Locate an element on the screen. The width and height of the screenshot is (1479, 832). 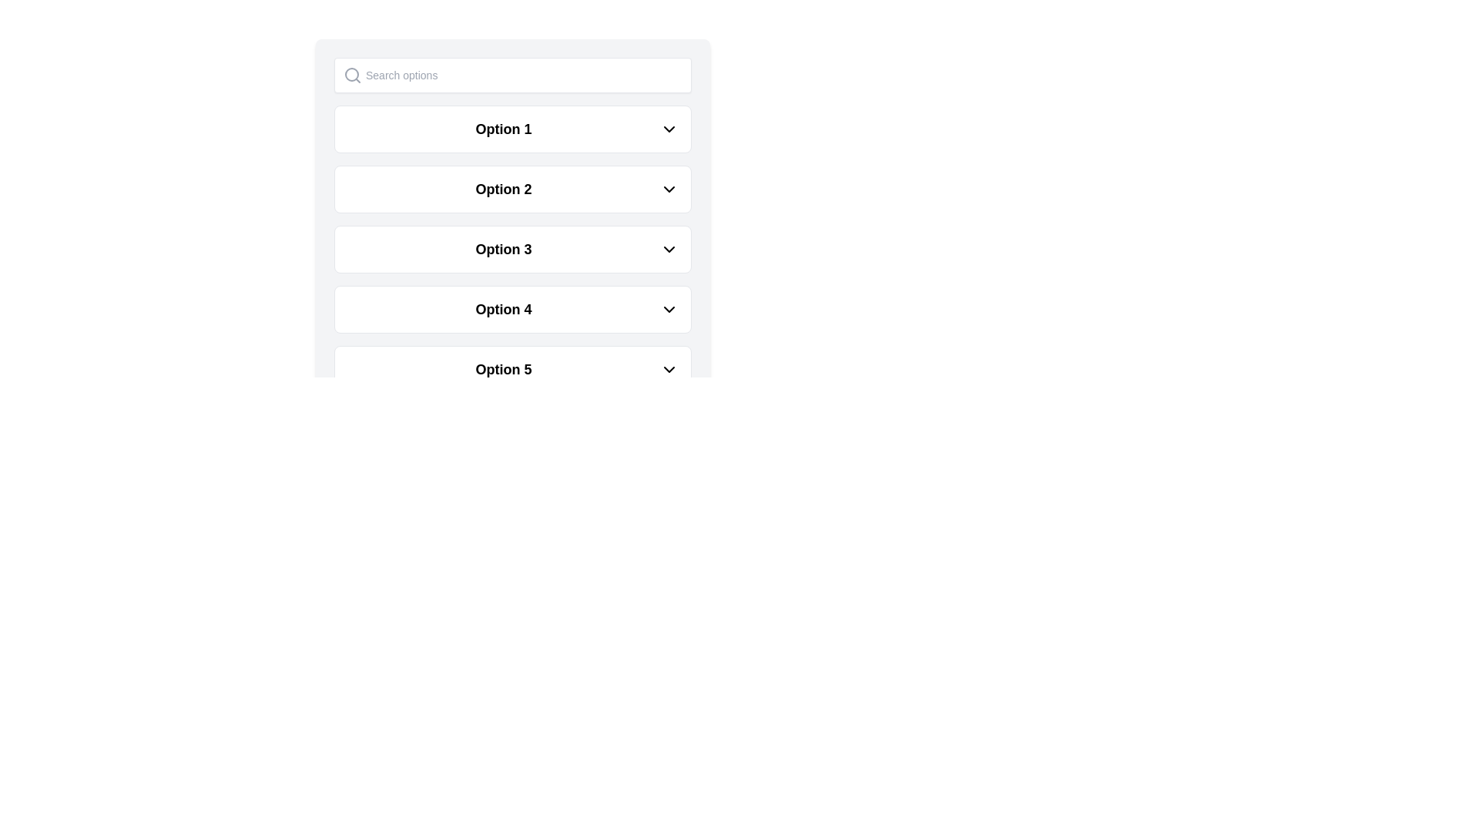
the selectable list item labeled 'Option 3' is located at coordinates (513, 249).